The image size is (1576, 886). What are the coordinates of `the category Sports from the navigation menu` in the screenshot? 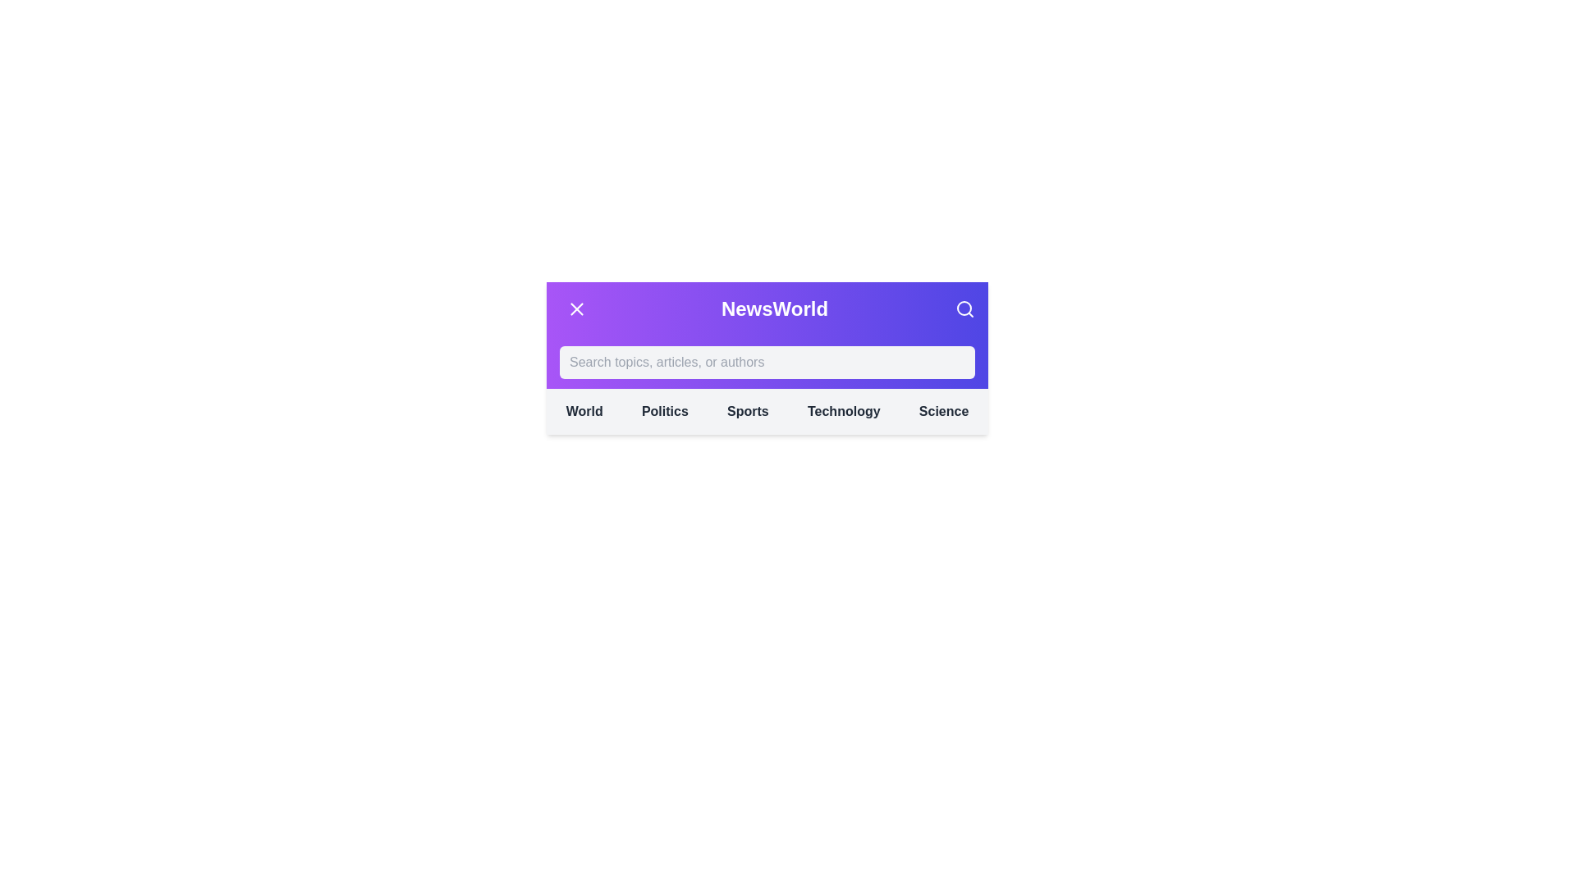 It's located at (747, 410).